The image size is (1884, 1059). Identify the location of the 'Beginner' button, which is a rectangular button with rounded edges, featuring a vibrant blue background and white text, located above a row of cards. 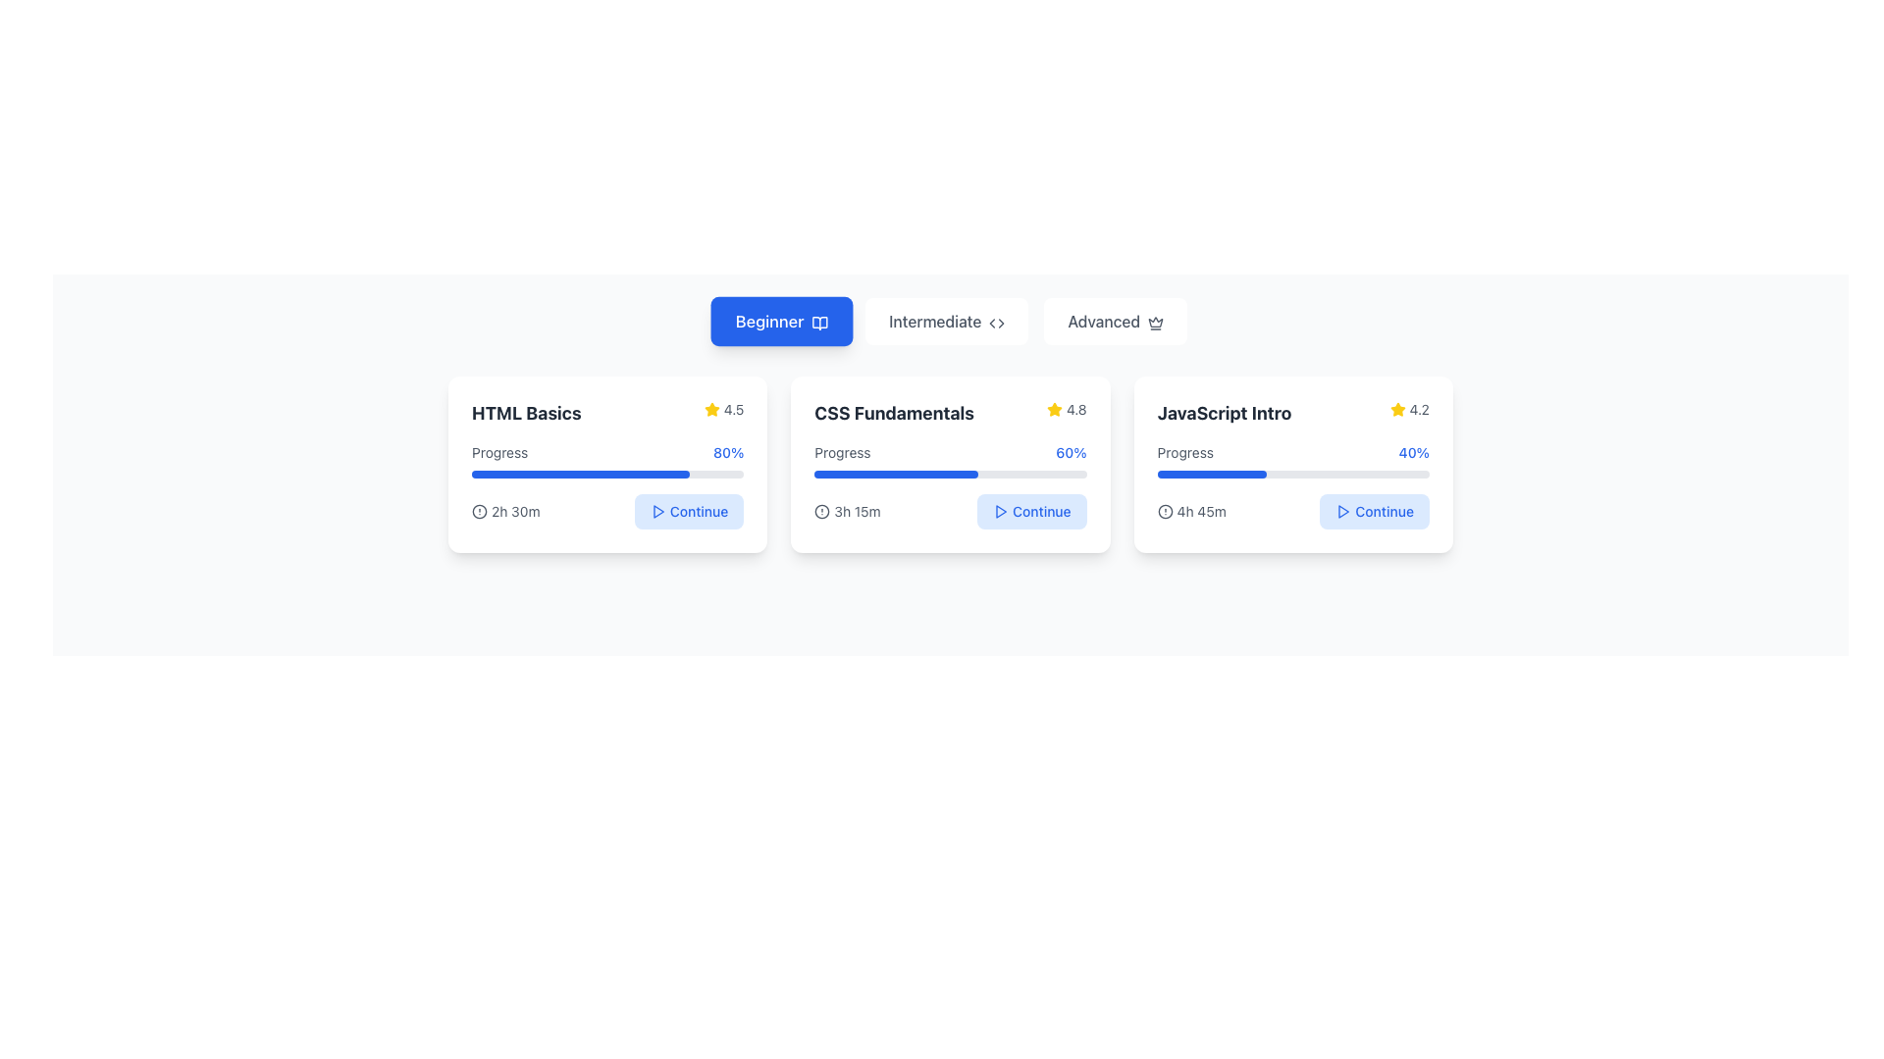
(780, 320).